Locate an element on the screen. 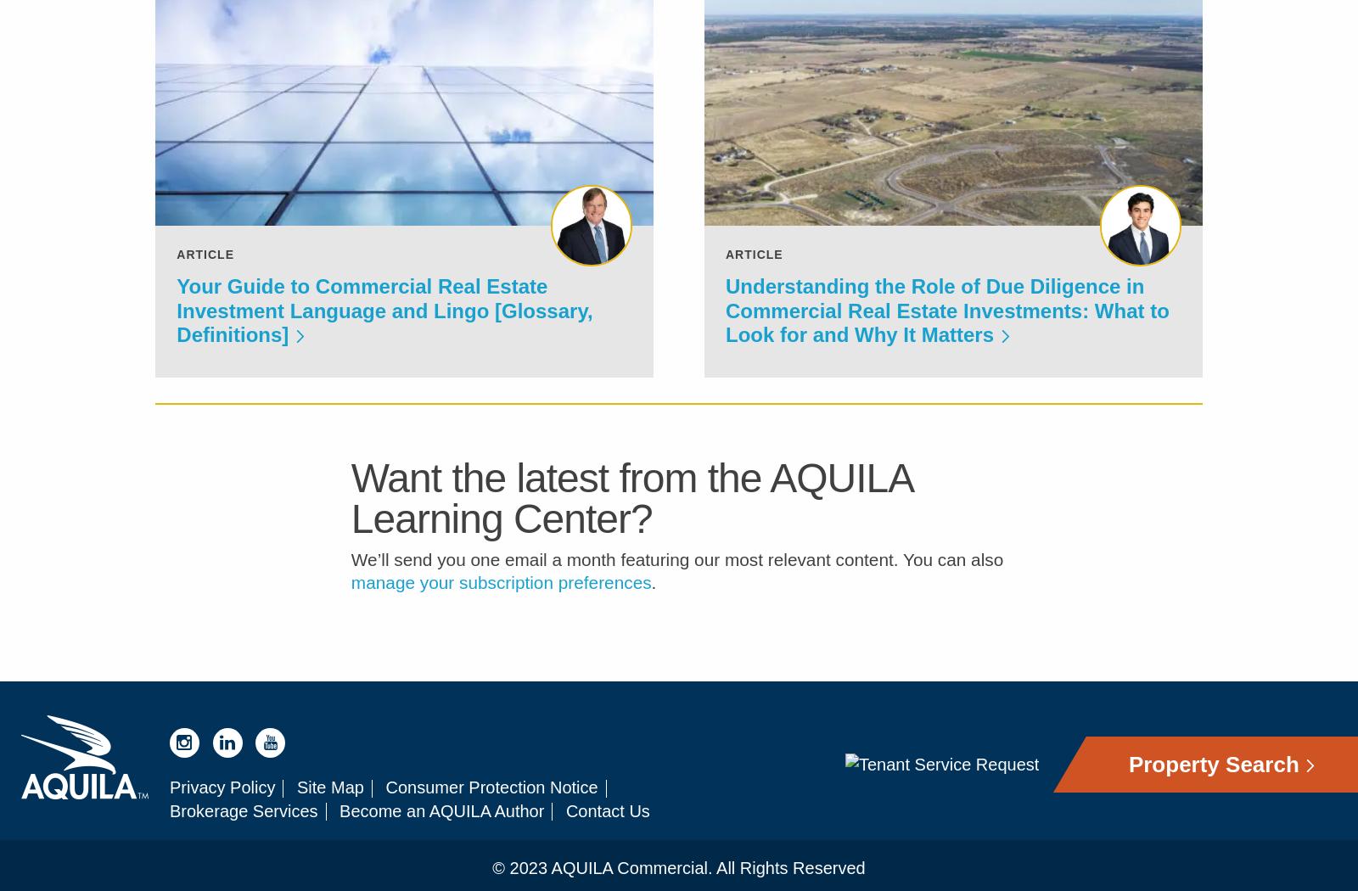 This screenshot has width=1358, height=891. 'Site Map' is located at coordinates (329, 798).